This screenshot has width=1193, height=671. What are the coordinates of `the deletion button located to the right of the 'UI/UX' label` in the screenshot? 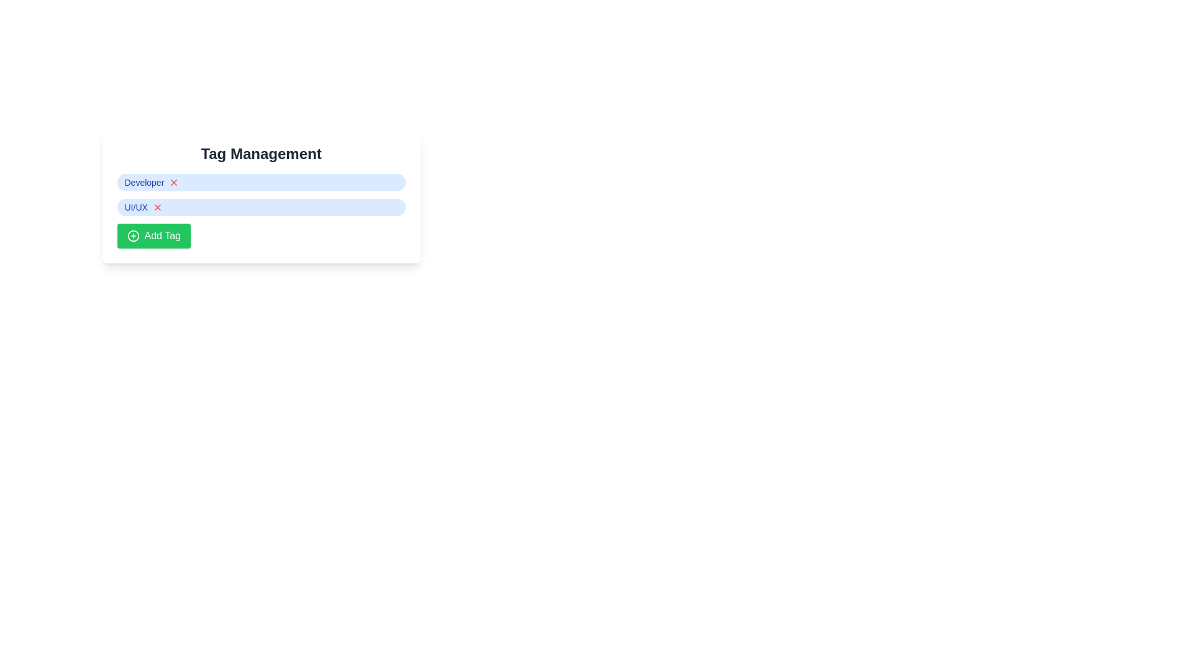 It's located at (157, 207).